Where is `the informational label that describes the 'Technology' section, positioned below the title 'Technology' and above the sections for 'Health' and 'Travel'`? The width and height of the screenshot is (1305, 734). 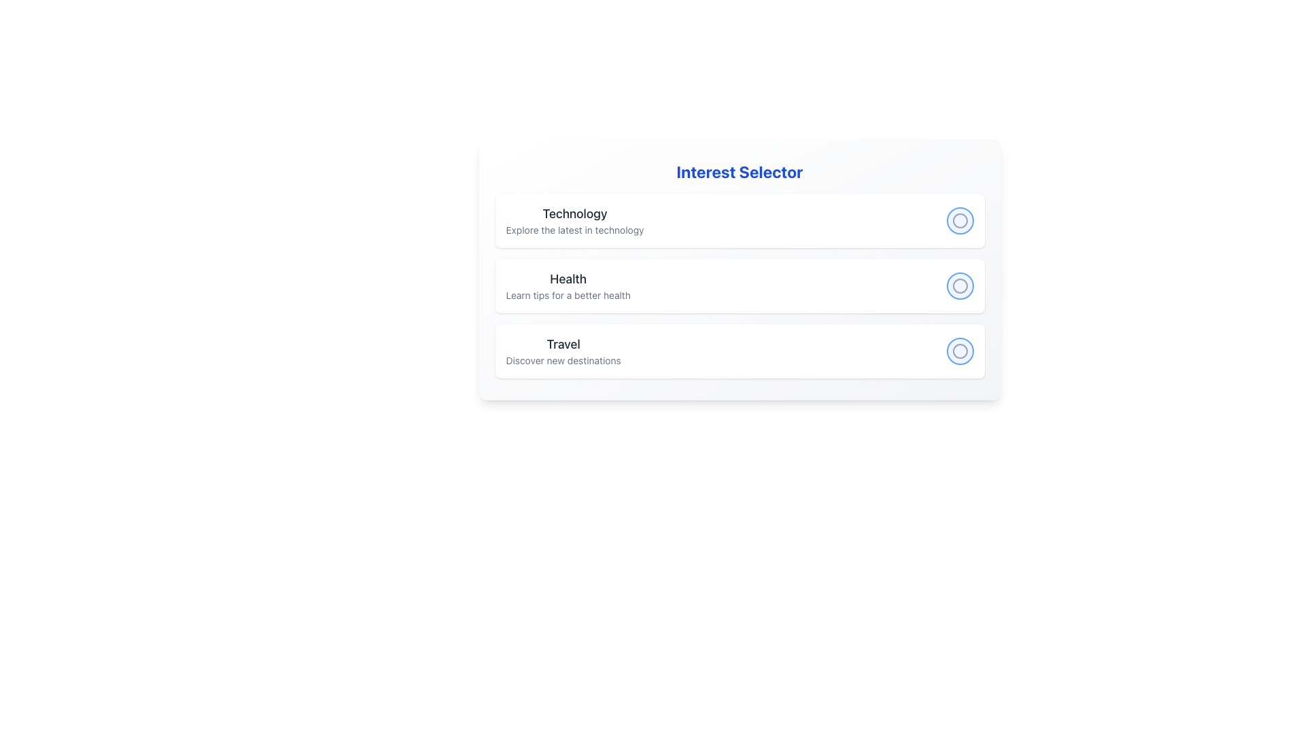 the informational label that describes the 'Technology' section, positioned below the title 'Technology' and above the sections for 'Health' and 'Travel' is located at coordinates (575, 230).